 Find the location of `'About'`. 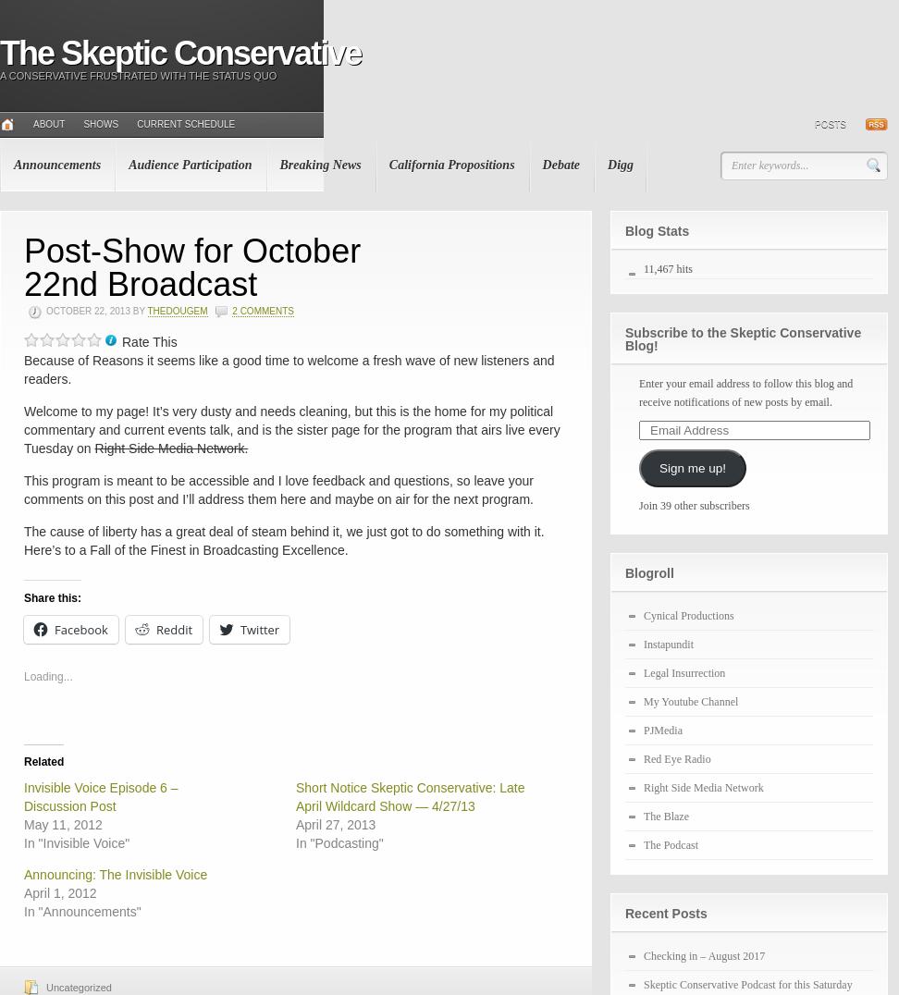

'About' is located at coordinates (48, 123).